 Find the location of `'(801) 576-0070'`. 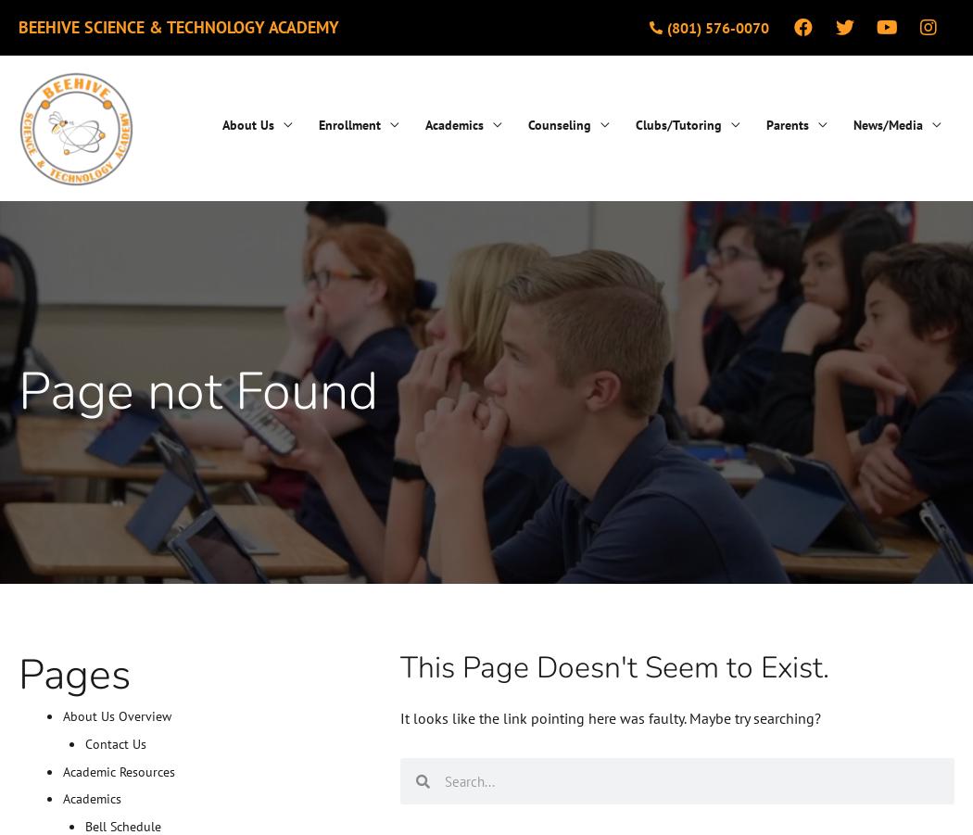

'(801) 576-0070' is located at coordinates (716, 26).